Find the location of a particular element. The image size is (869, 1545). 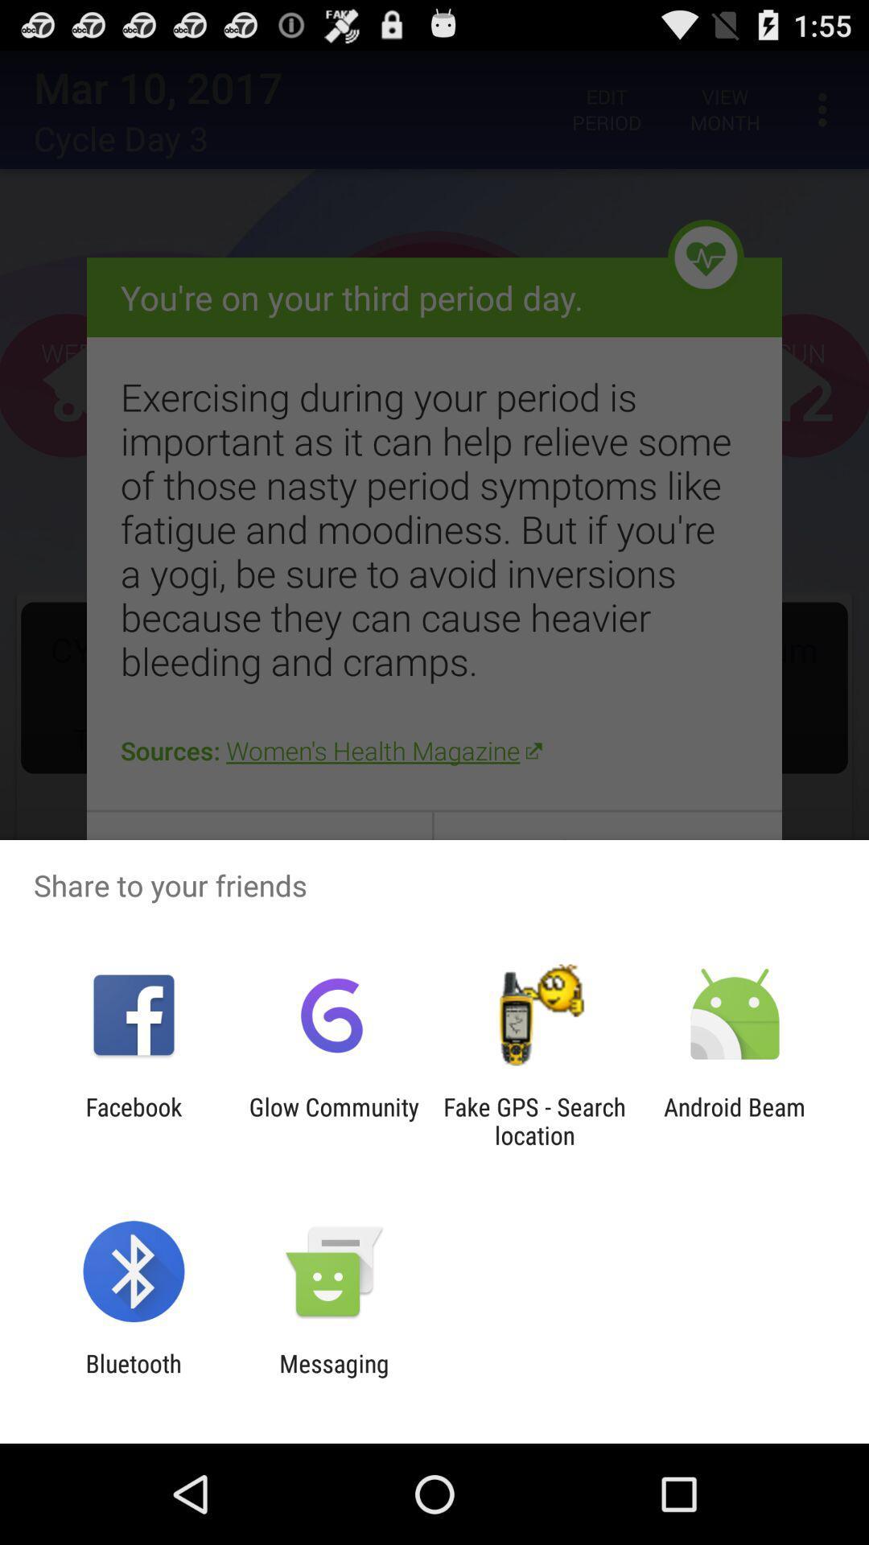

the android beam icon is located at coordinates (735, 1120).